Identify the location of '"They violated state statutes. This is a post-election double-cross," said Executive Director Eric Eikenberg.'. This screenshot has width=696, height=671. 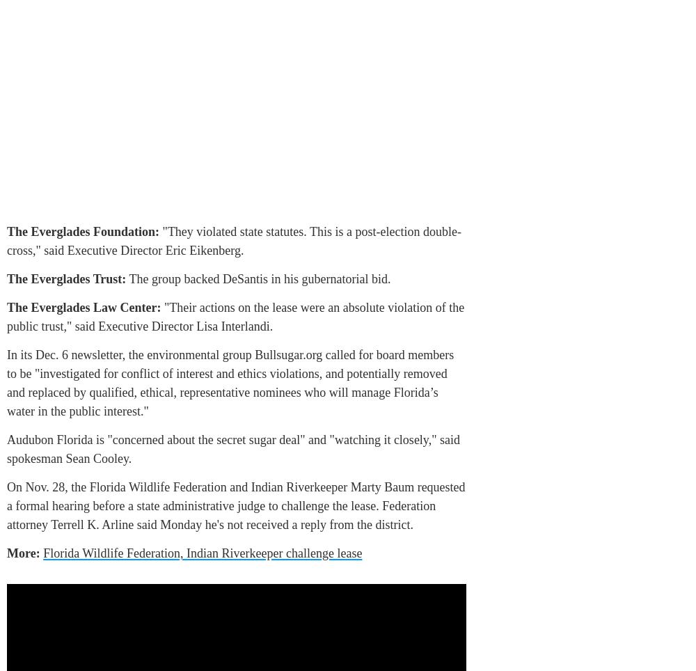
(233, 240).